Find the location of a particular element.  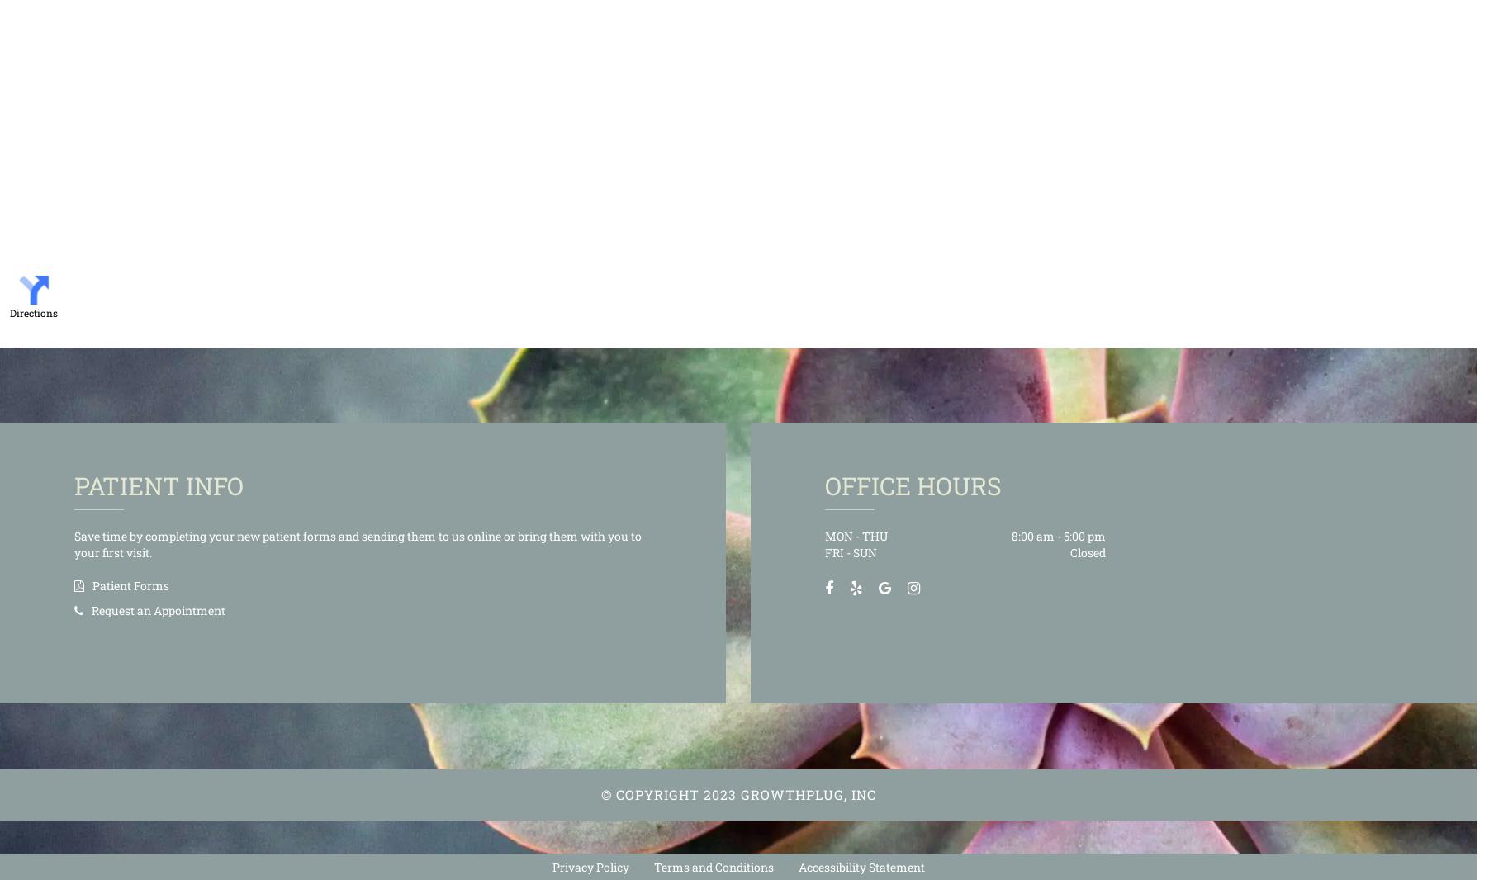

'Request an Appointment' is located at coordinates (92, 608).